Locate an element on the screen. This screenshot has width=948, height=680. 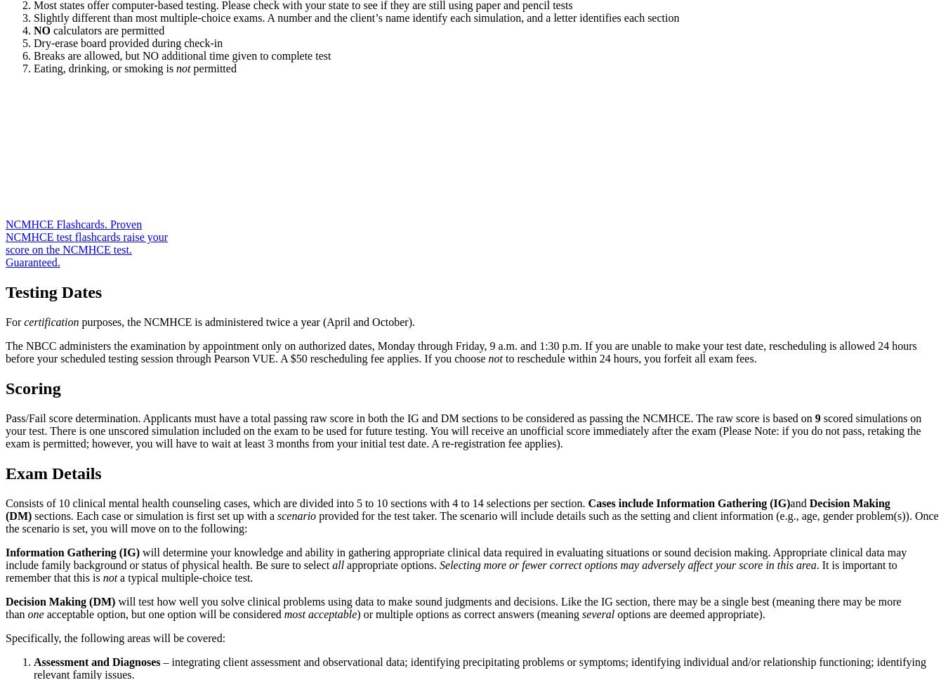
'acceptable option, but one option will be considered' is located at coordinates (163, 613).